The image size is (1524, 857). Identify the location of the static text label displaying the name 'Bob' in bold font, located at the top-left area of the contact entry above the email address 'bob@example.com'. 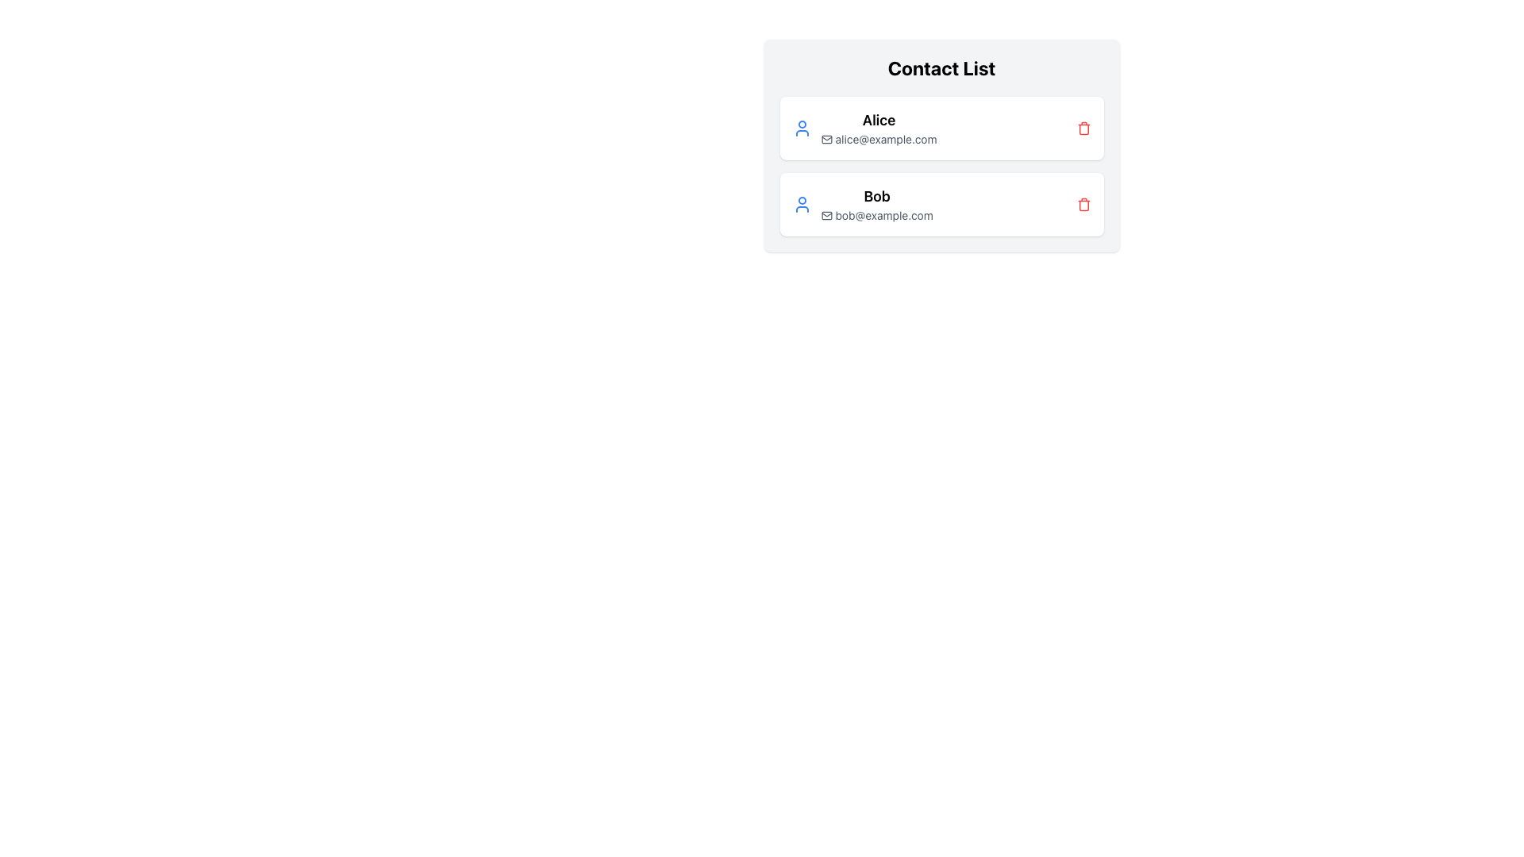
(876, 195).